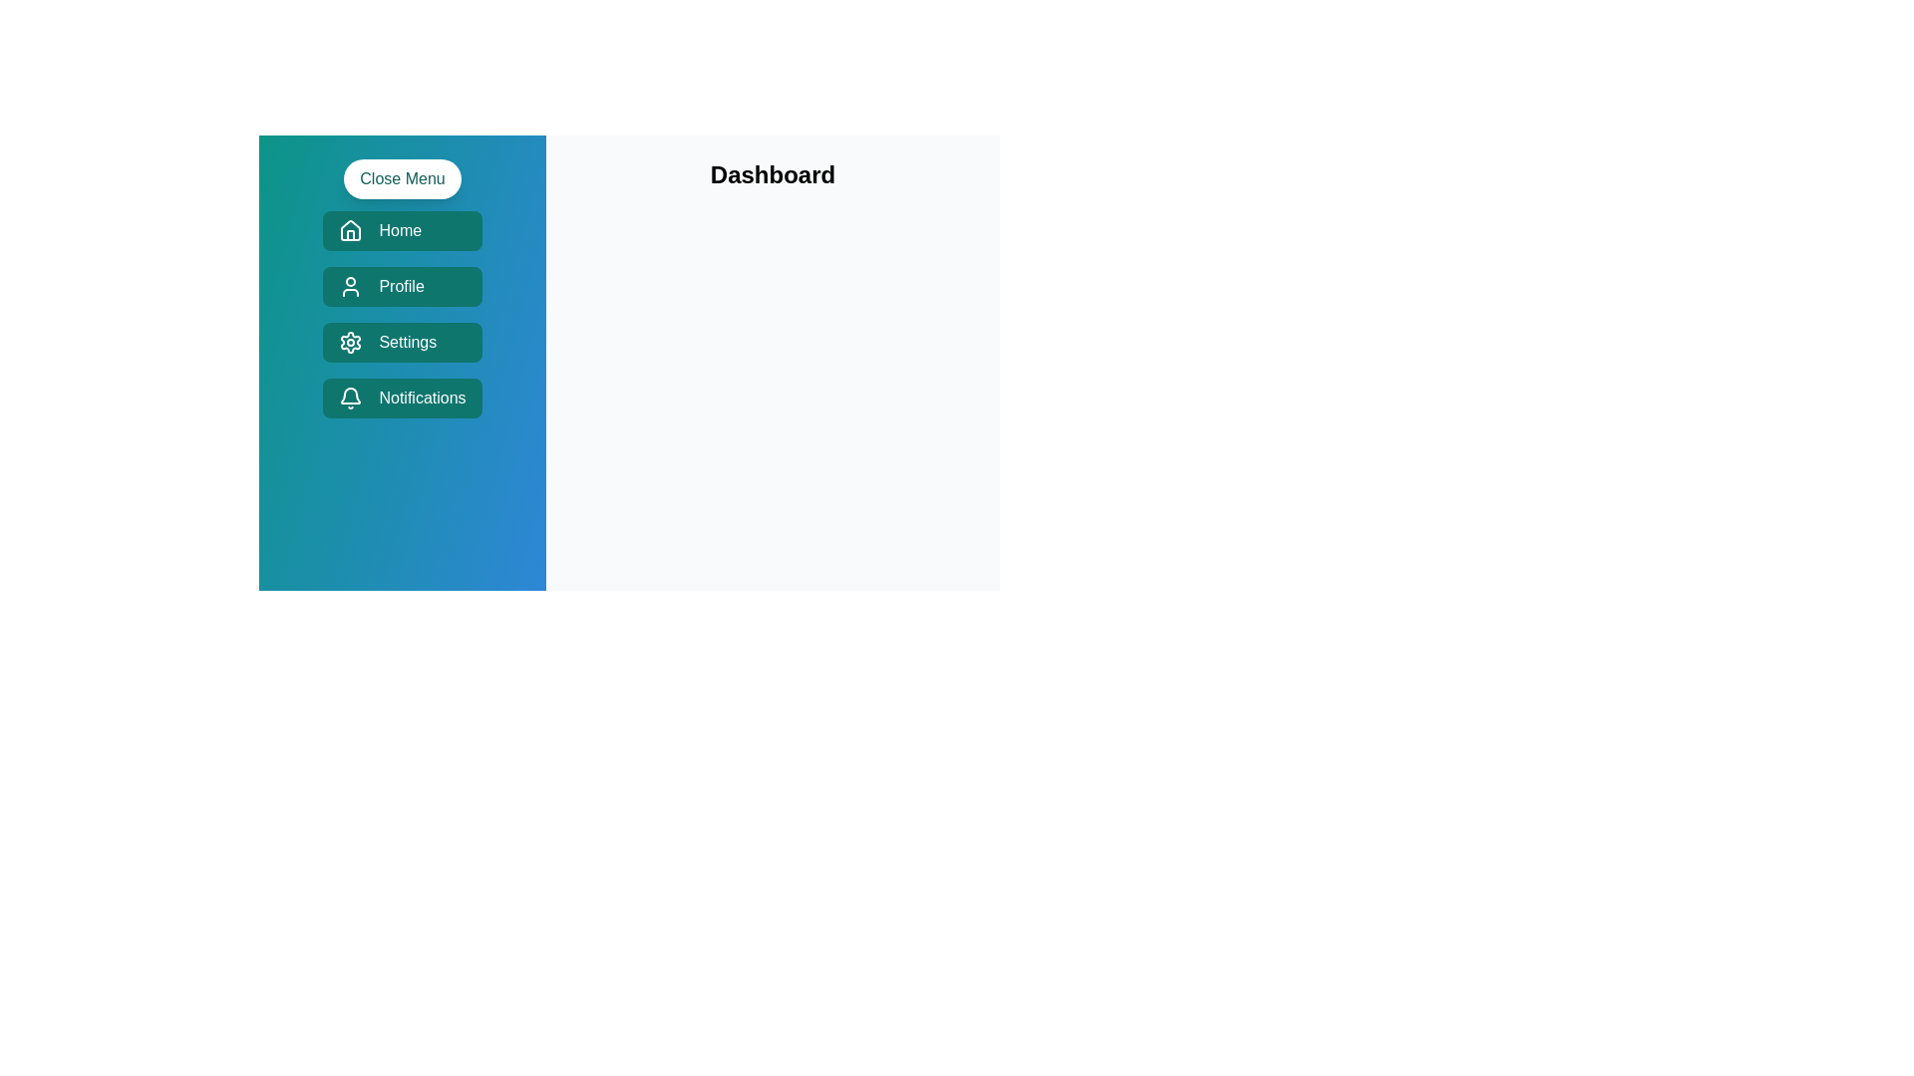  Describe the element at coordinates (401, 341) in the screenshot. I see `the 'Settings' button located in the sidebar, which is the third option in a vertical stack of buttons` at that location.